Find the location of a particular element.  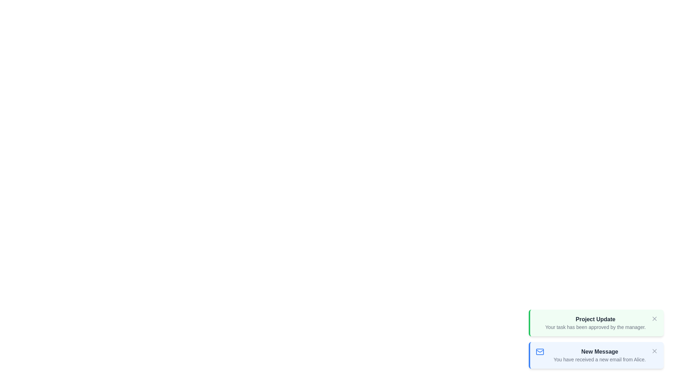

the notification titled Project Update to read its description is located at coordinates (595, 323).